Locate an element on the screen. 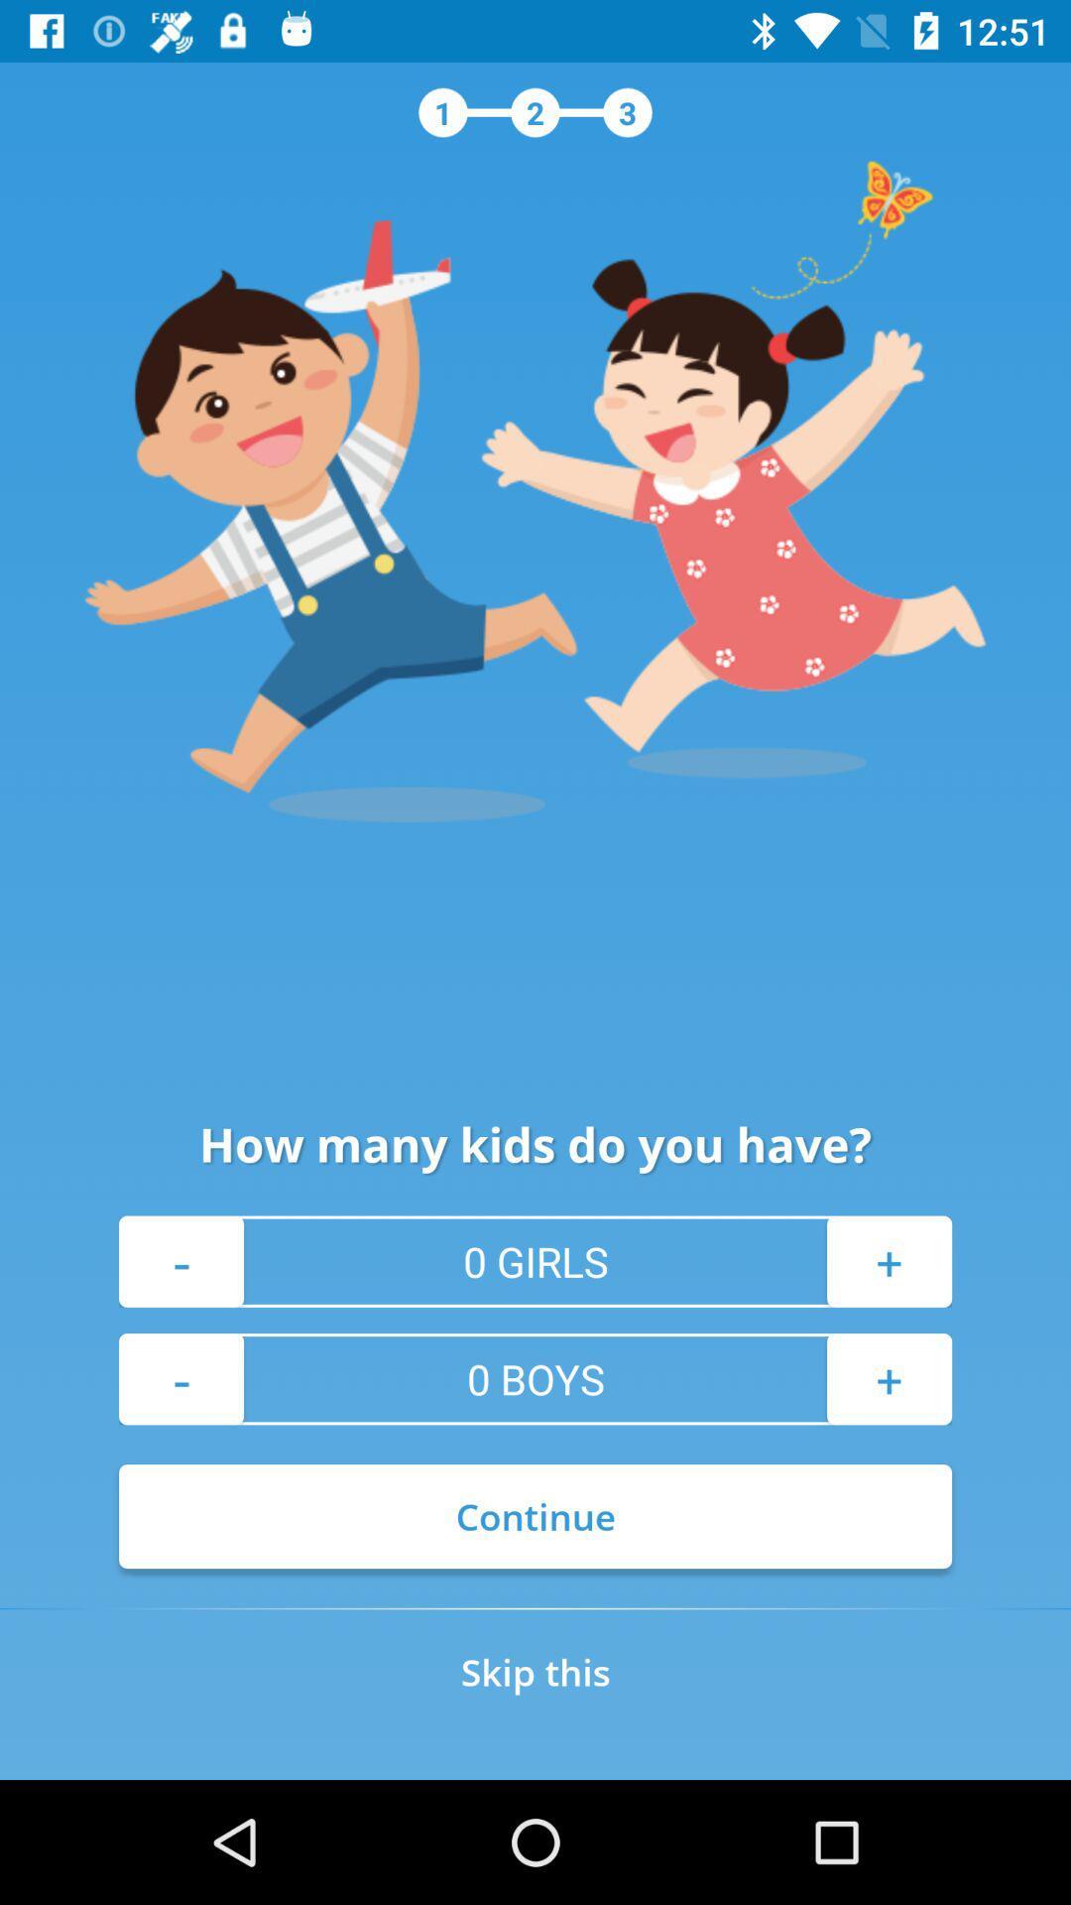  the + item is located at coordinates (889, 1260).